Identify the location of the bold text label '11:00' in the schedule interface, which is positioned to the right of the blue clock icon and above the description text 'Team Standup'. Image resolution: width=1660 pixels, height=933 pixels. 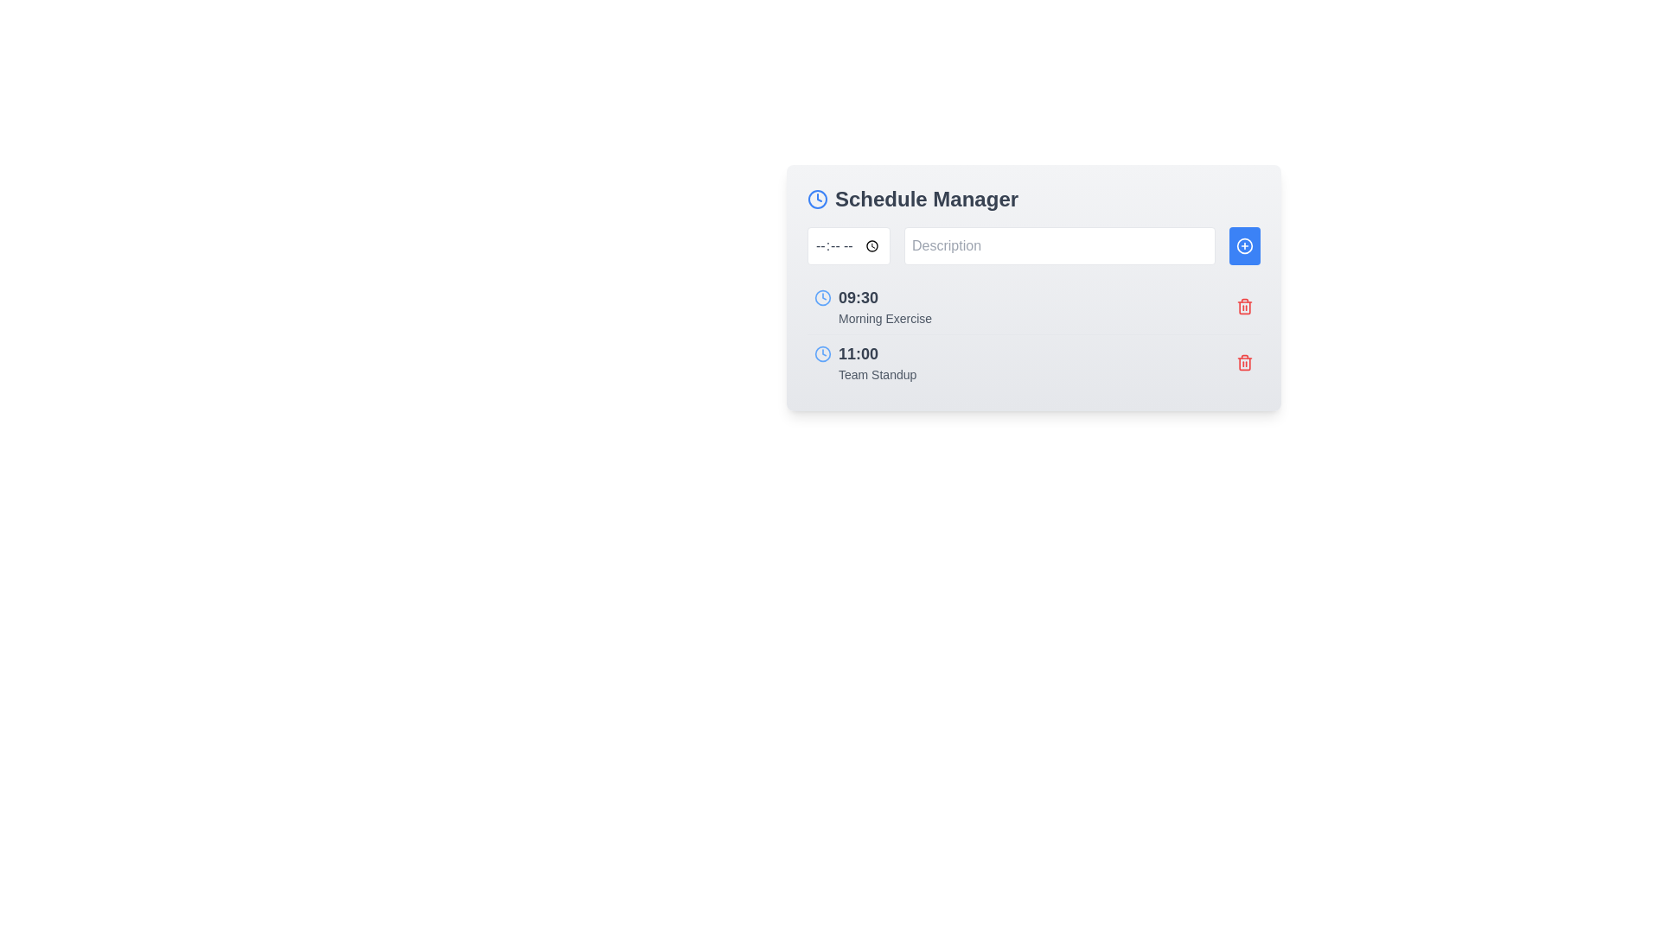
(865, 352).